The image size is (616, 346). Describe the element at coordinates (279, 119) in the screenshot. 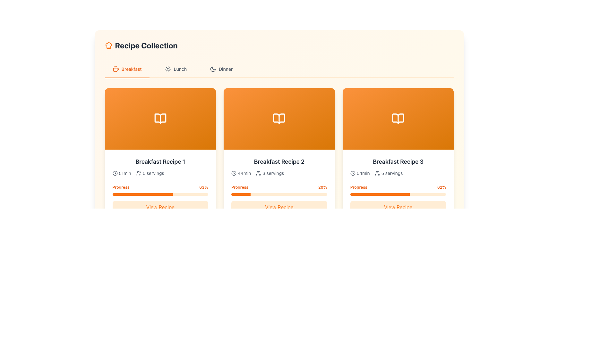

I see `open book icon located at the top-center of the 'Breakfast Recipe 2' card, which is visually represented in white on an orange background` at that location.